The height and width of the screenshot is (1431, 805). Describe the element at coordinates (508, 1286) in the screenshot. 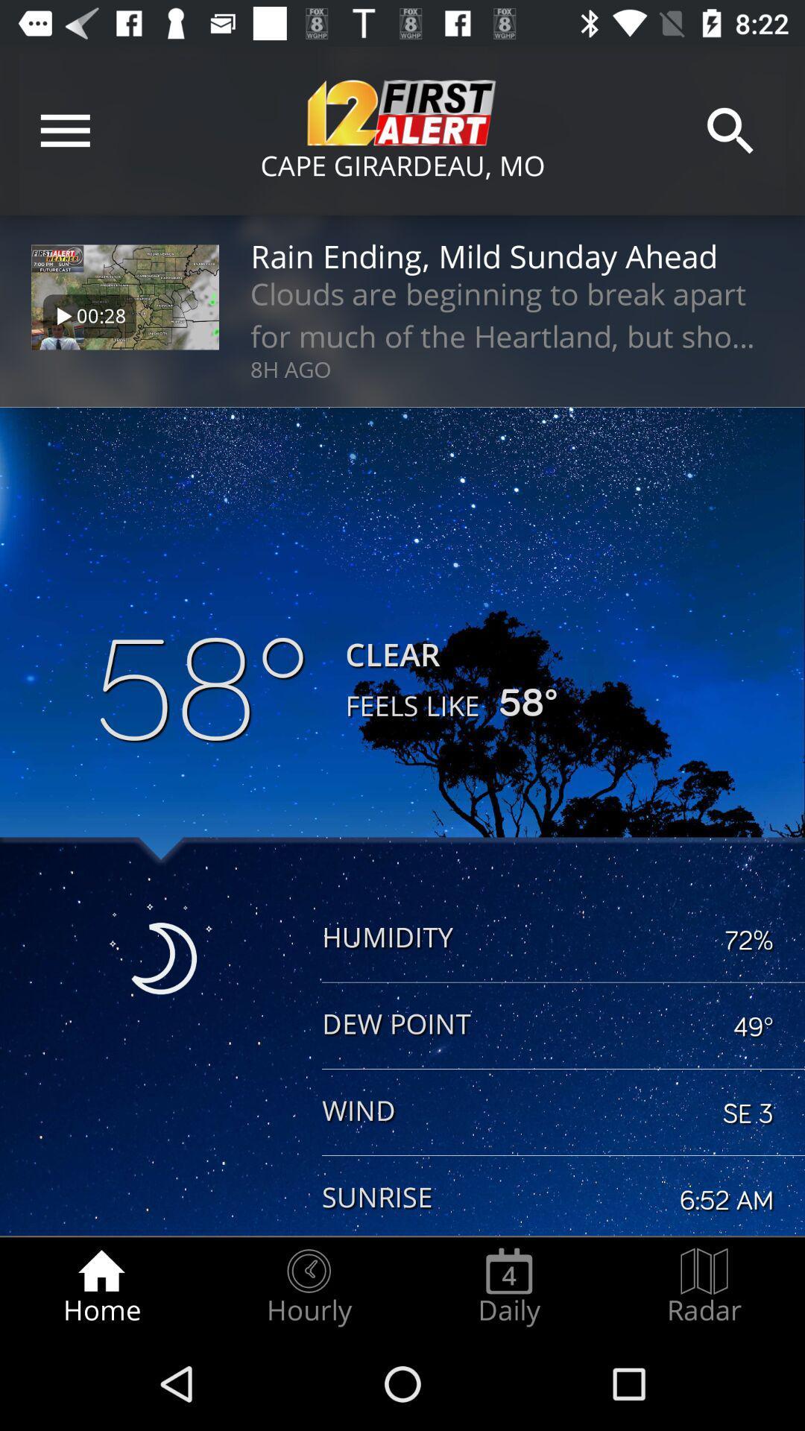

I see `item to the right of hourly item` at that location.